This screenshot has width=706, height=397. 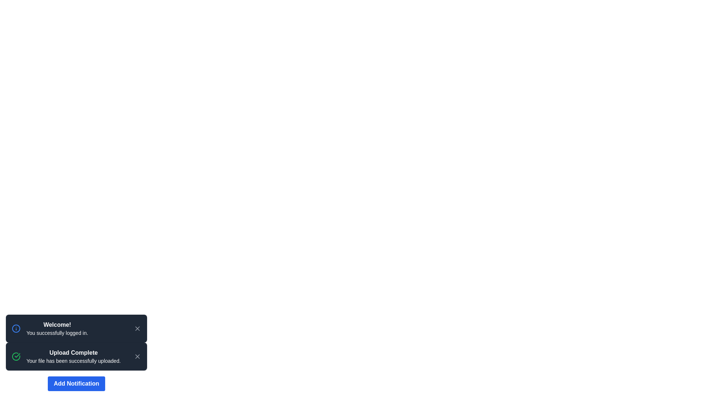 I want to click on the close button located in the top-right corner of the notification box that contains the text 'Welcome! You successfully logged in.' to alter its appearance, so click(x=138, y=328).